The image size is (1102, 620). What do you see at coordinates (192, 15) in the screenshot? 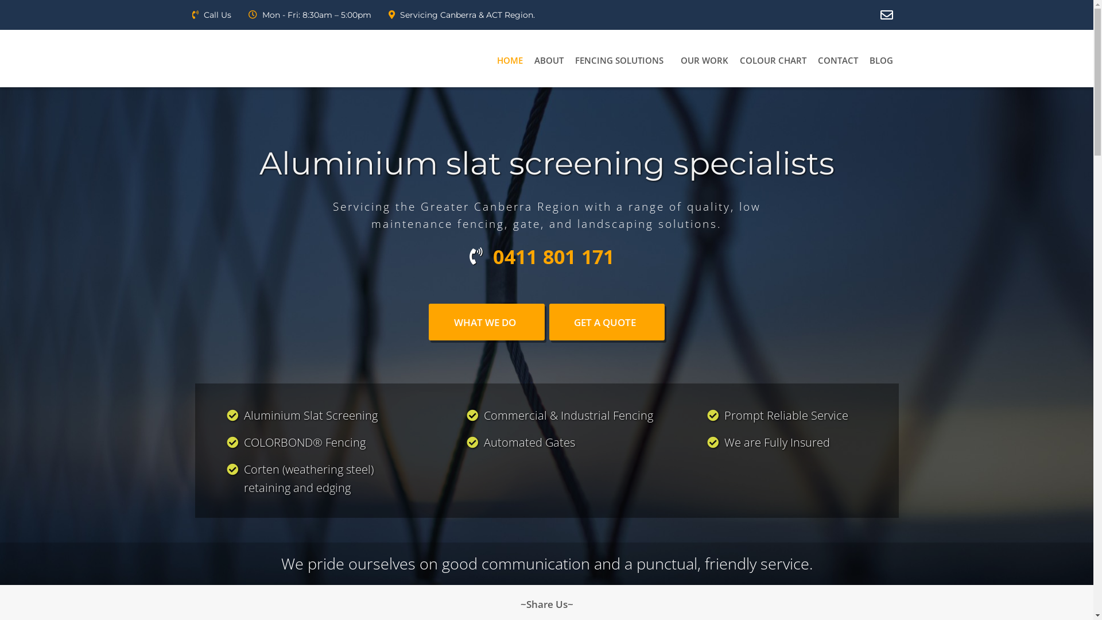
I see `'Call Us'` at bounding box center [192, 15].